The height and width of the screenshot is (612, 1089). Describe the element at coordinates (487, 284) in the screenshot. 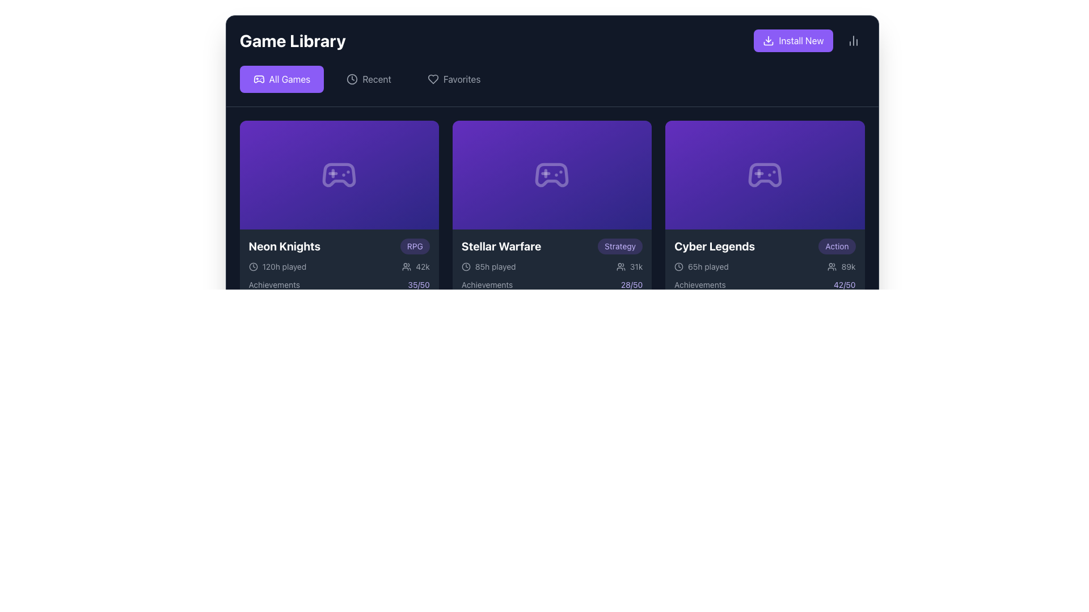

I see `the 'Achievements' static text label displayed in light gray color, located below the 'Stellar Warfare' game card` at that location.